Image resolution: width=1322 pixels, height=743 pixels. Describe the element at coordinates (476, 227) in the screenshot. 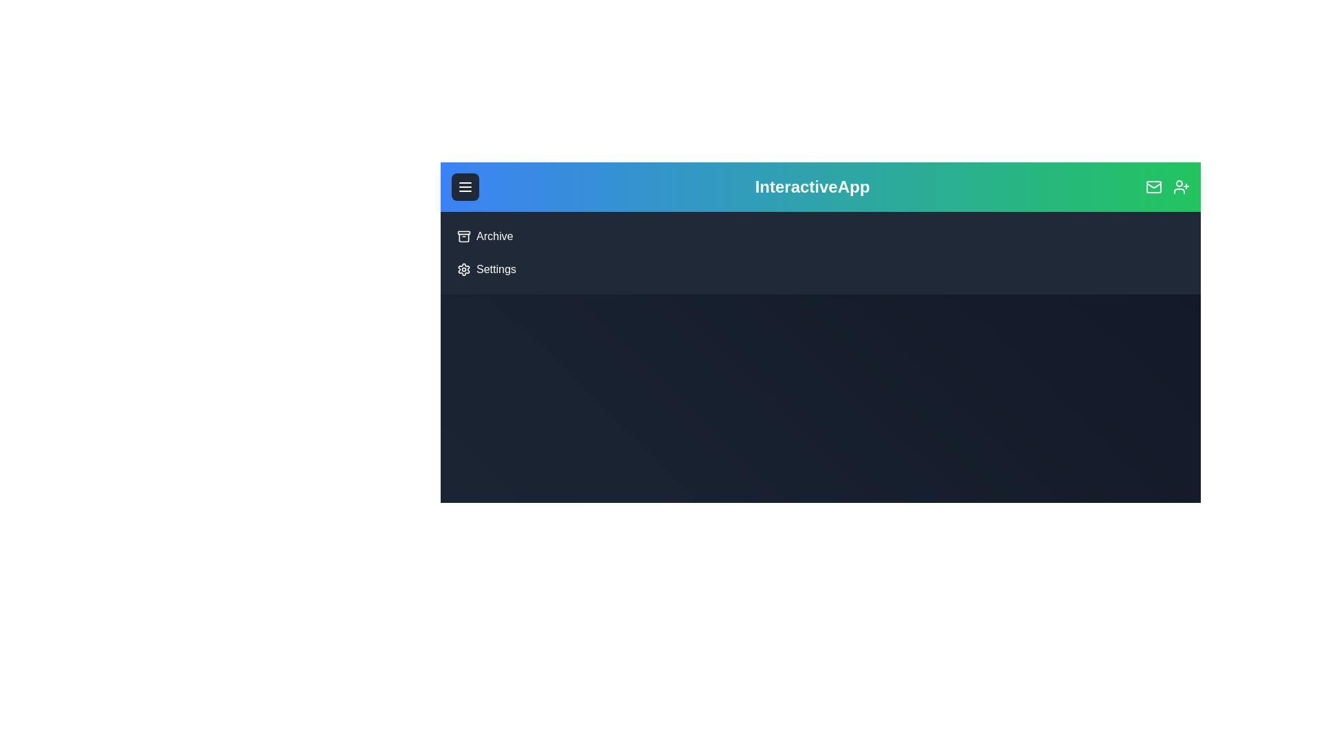

I see `the 'Archive' option in the navigation menu` at that location.